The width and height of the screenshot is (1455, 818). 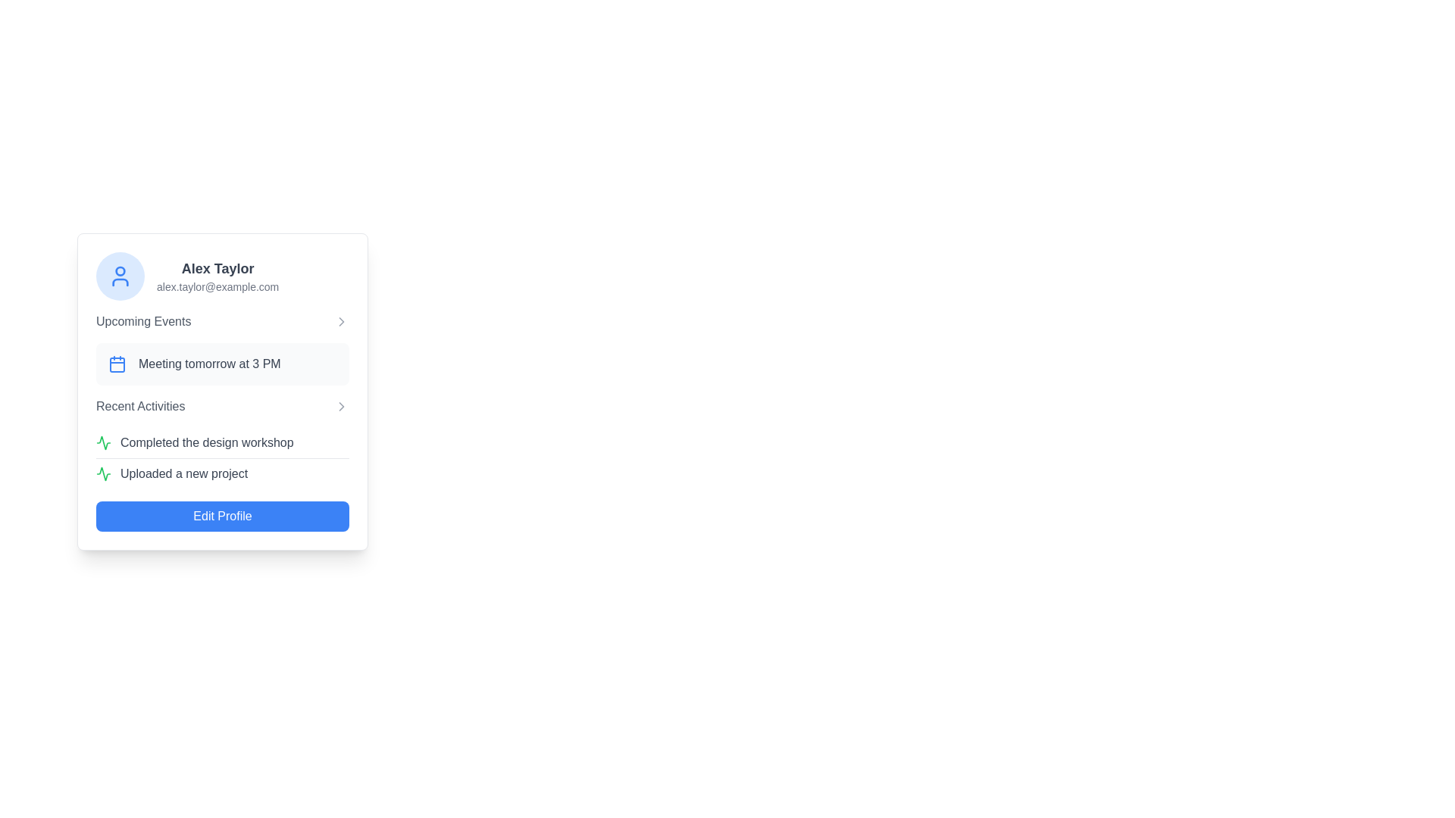 I want to click on the first List item with an icon and text under the 'Recent Activities' section that depicts the recent activity of completing a design workshop, so click(x=221, y=443).